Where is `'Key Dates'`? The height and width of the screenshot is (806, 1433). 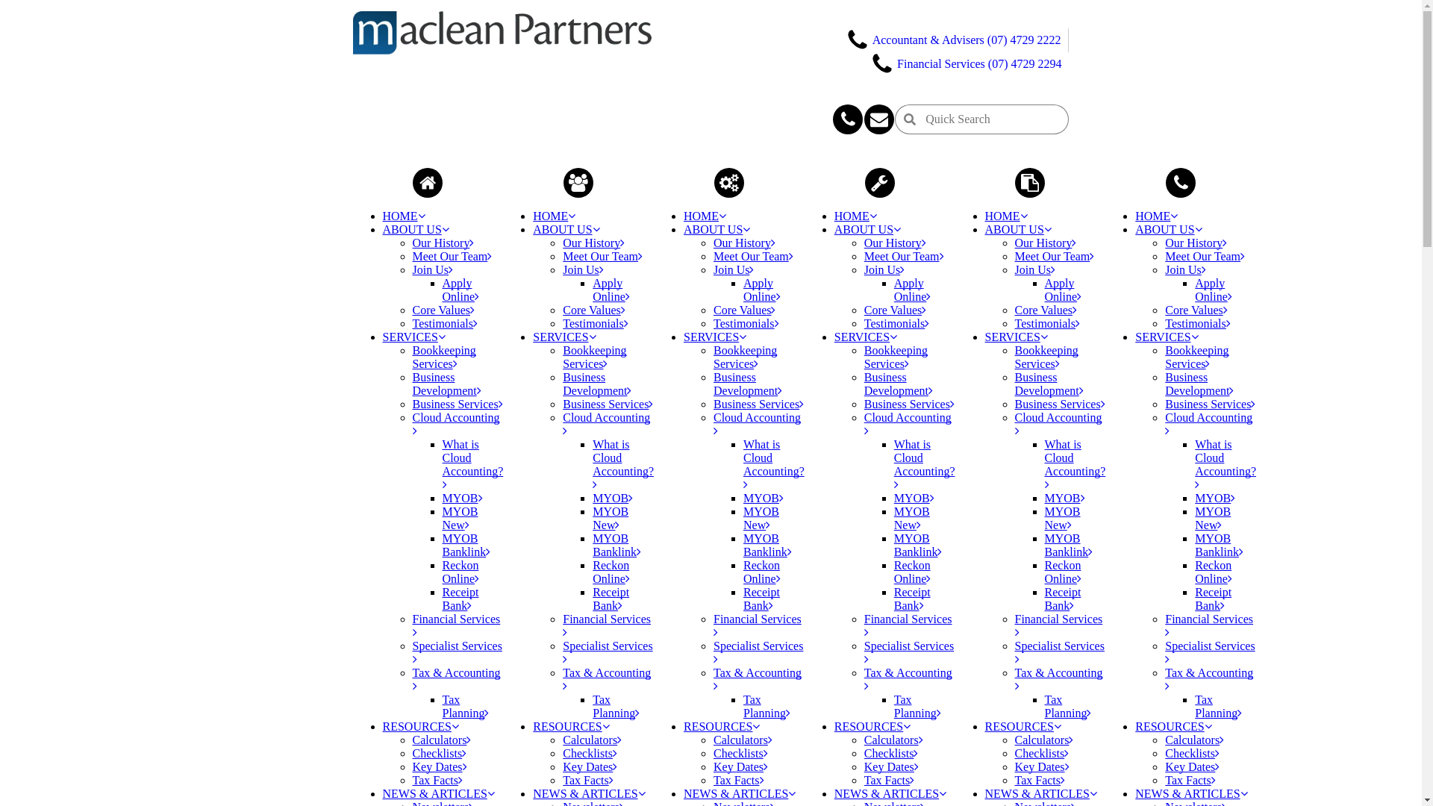 'Key Dates' is located at coordinates (1041, 766).